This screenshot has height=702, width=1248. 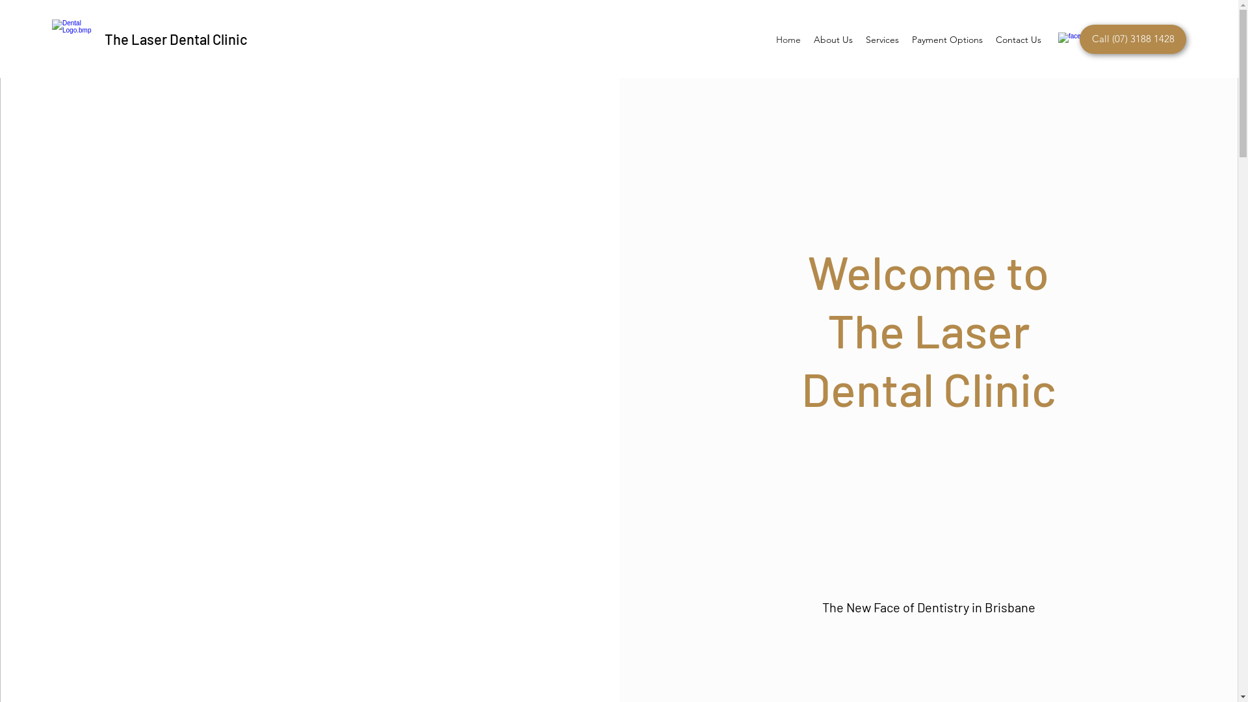 I want to click on 'About Us', so click(x=833, y=39).